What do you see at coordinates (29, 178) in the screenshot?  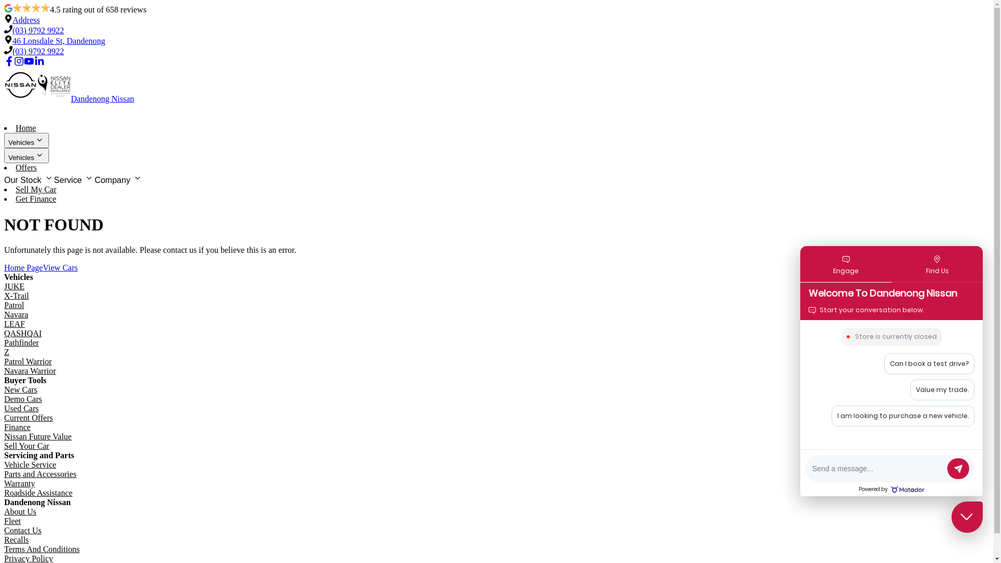 I see `'Our Stock'` at bounding box center [29, 178].